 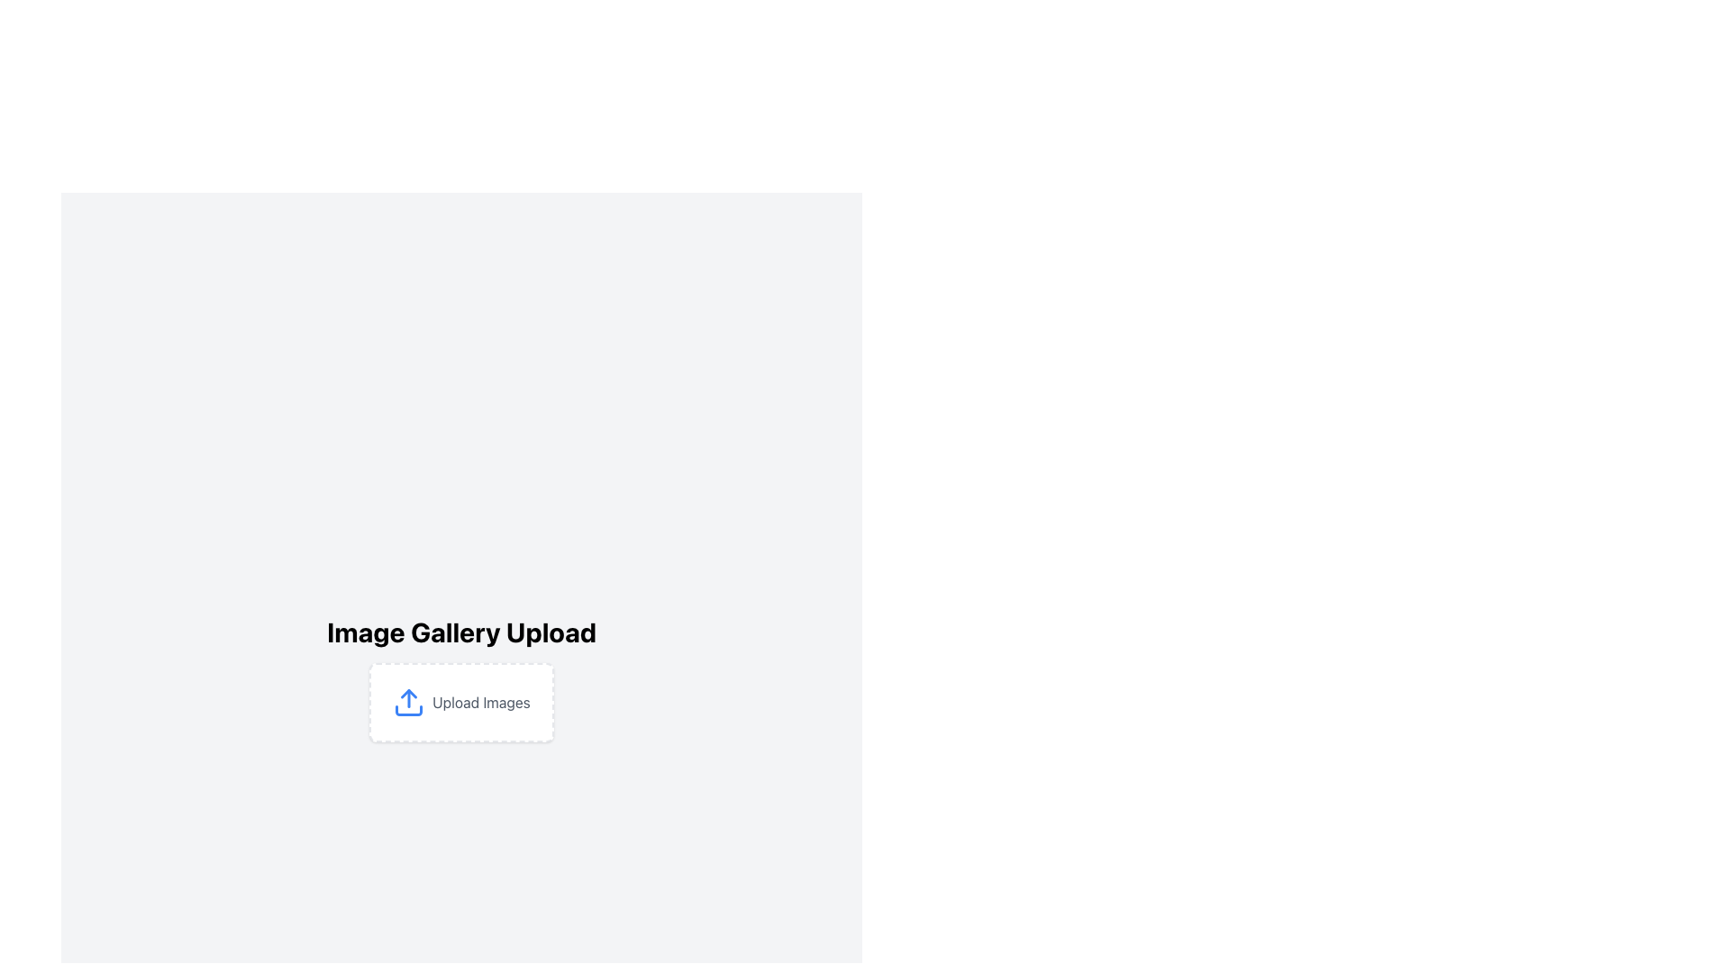 What do you see at coordinates (461, 701) in the screenshot?
I see `the File upload button or area located under the 'Image Gallery Upload' heading` at bounding box center [461, 701].